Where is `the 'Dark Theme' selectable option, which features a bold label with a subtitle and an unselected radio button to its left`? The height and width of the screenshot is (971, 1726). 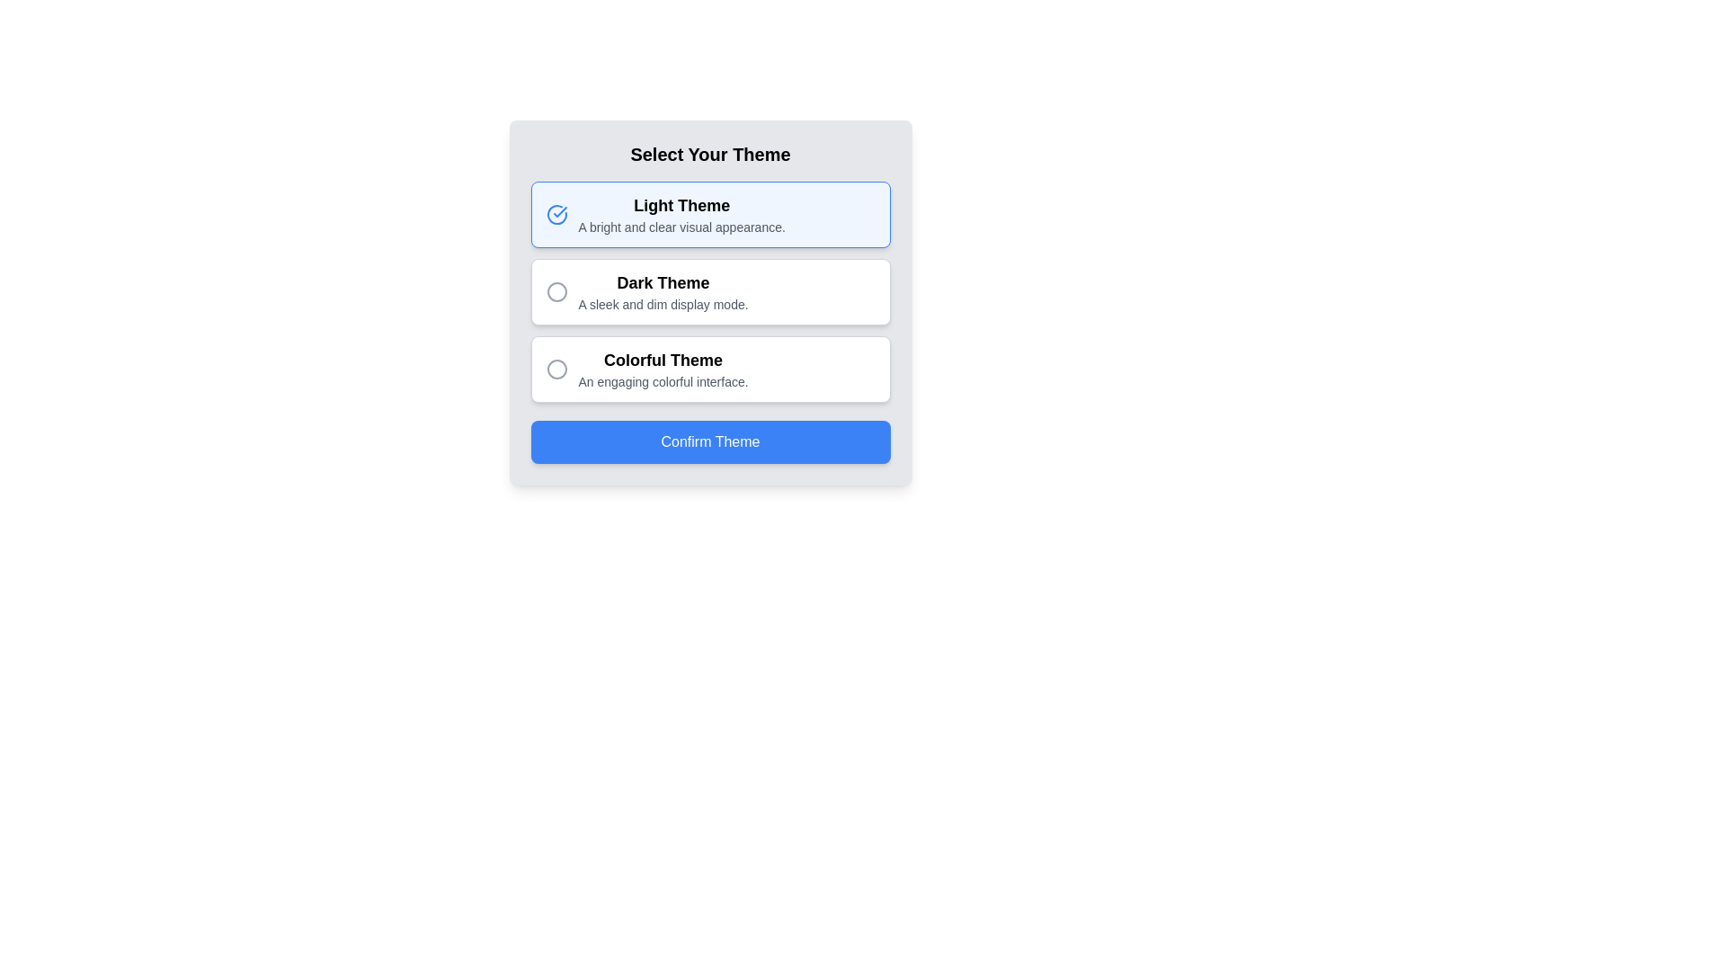 the 'Dark Theme' selectable option, which features a bold label with a subtitle and an unselected radio button to its left is located at coordinates (647, 290).